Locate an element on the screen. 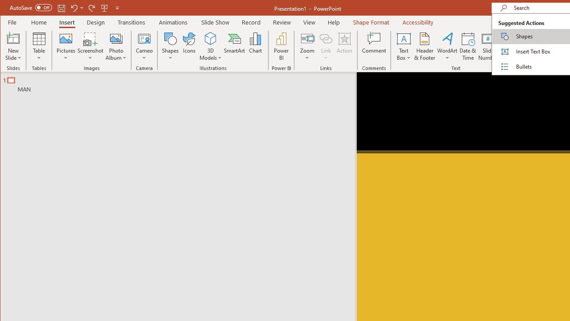 This screenshot has width=570, height=321. 'Chart...' is located at coordinates (255, 46).